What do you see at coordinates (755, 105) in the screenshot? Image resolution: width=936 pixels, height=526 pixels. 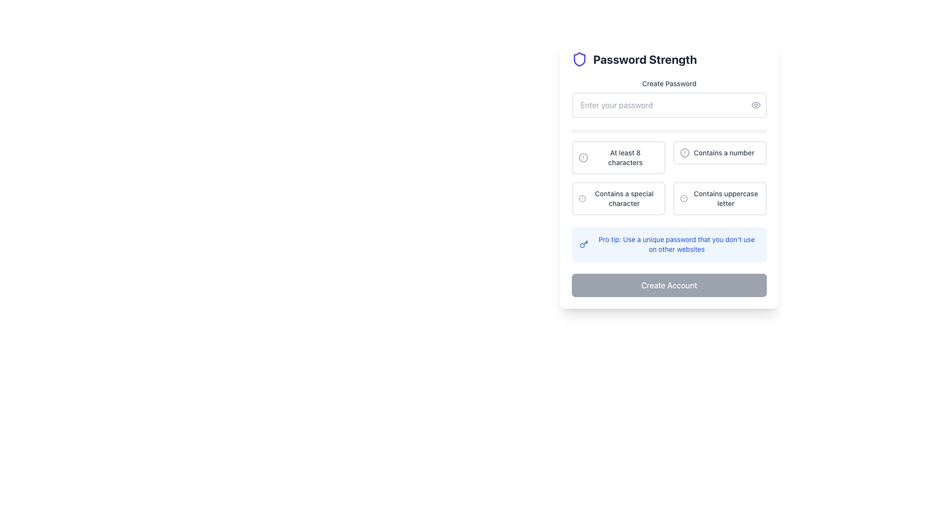 I see `the button located on the right side of the password input field` at bounding box center [755, 105].